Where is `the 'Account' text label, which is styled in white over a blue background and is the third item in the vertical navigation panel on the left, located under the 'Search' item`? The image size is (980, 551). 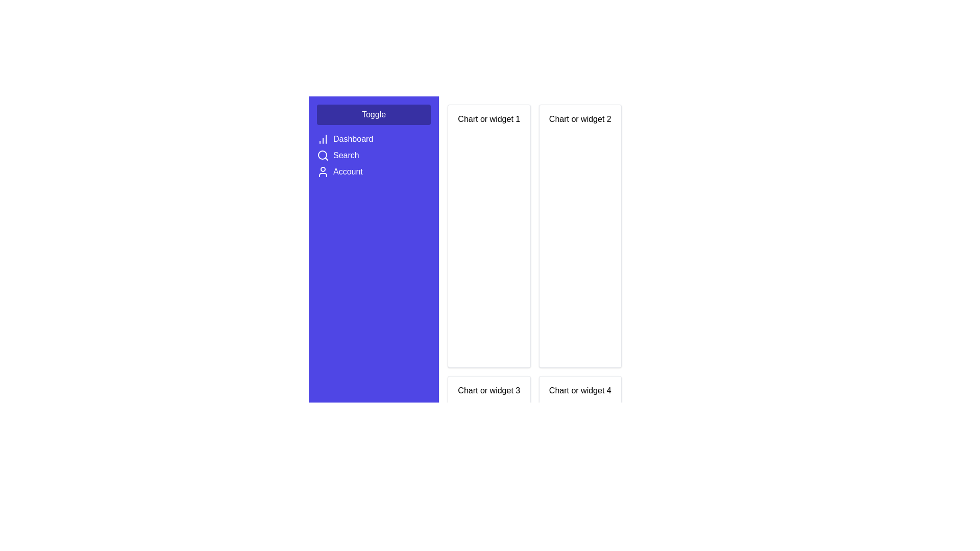 the 'Account' text label, which is styled in white over a blue background and is the third item in the vertical navigation panel on the left, located under the 'Search' item is located at coordinates (348, 171).